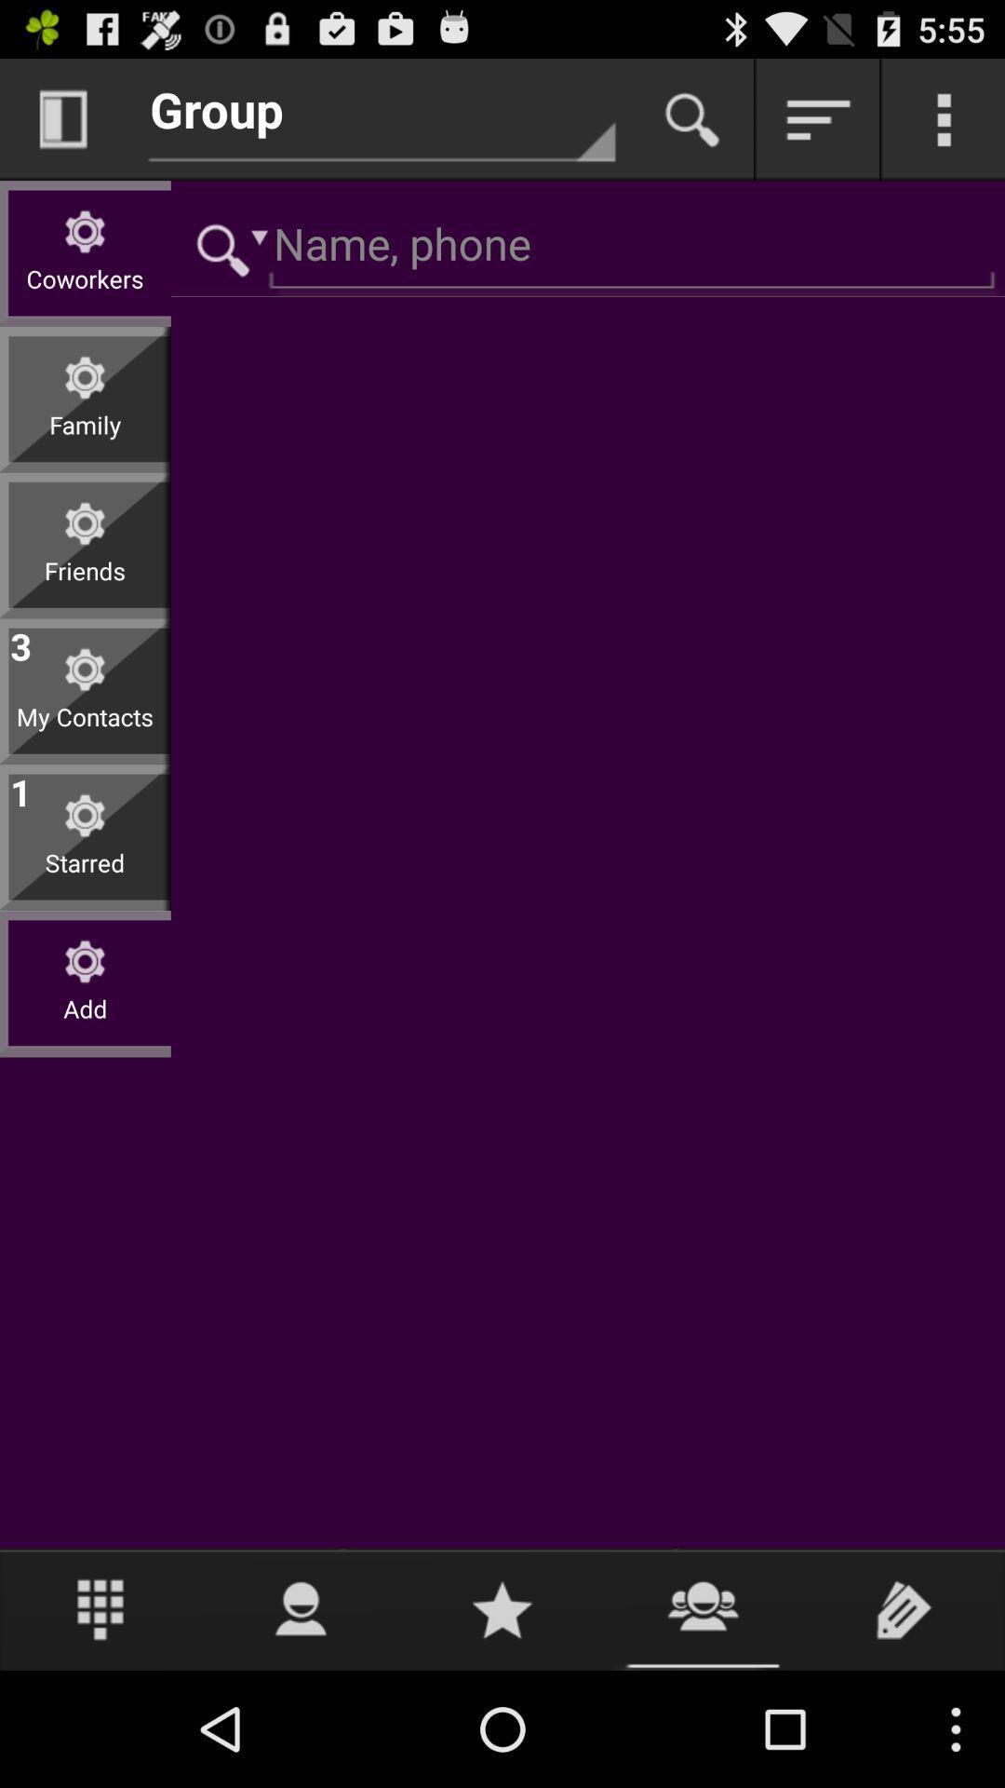 The image size is (1005, 1788). Describe the element at coordinates (85, 584) in the screenshot. I see `friends icon` at that location.